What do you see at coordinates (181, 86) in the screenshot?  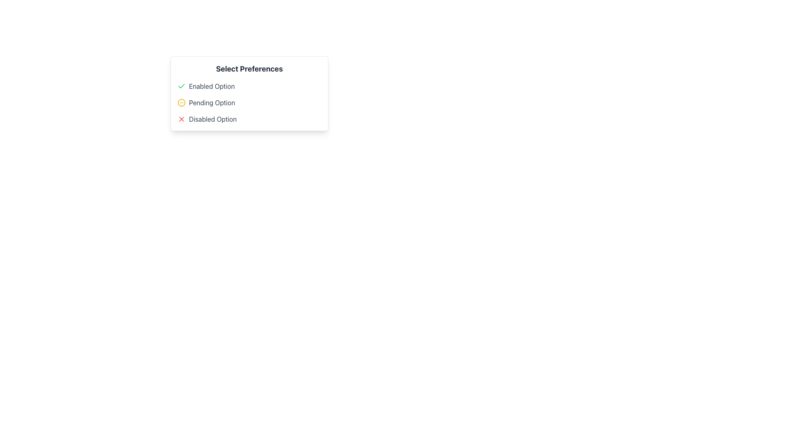 I see `the icon indicating that the 'Enabled Option' is selected, located at the top-left corner of the list of options under 'Select Preferences.'` at bounding box center [181, 86].